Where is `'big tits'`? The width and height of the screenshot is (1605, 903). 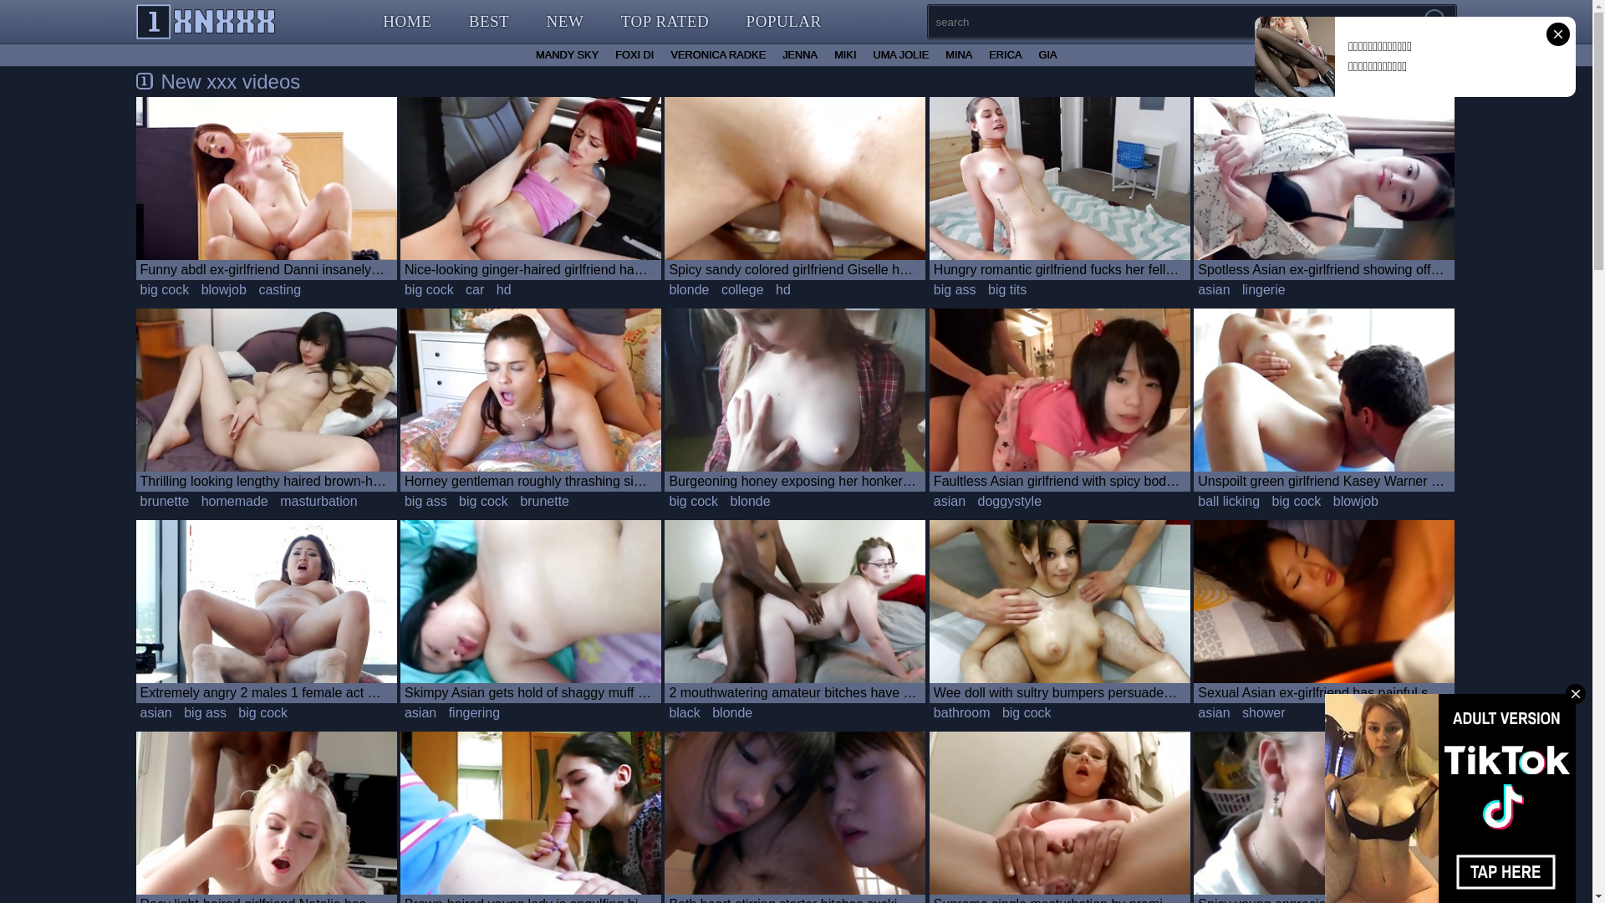
'big tits' is located at coordinates (1006, 289).